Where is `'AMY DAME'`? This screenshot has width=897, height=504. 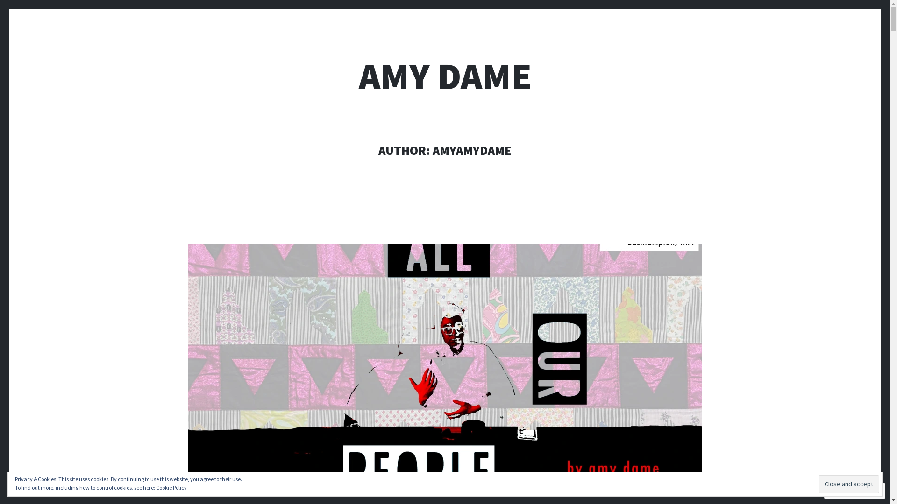
'AMY DAME' is located at coordinates (445, 76).